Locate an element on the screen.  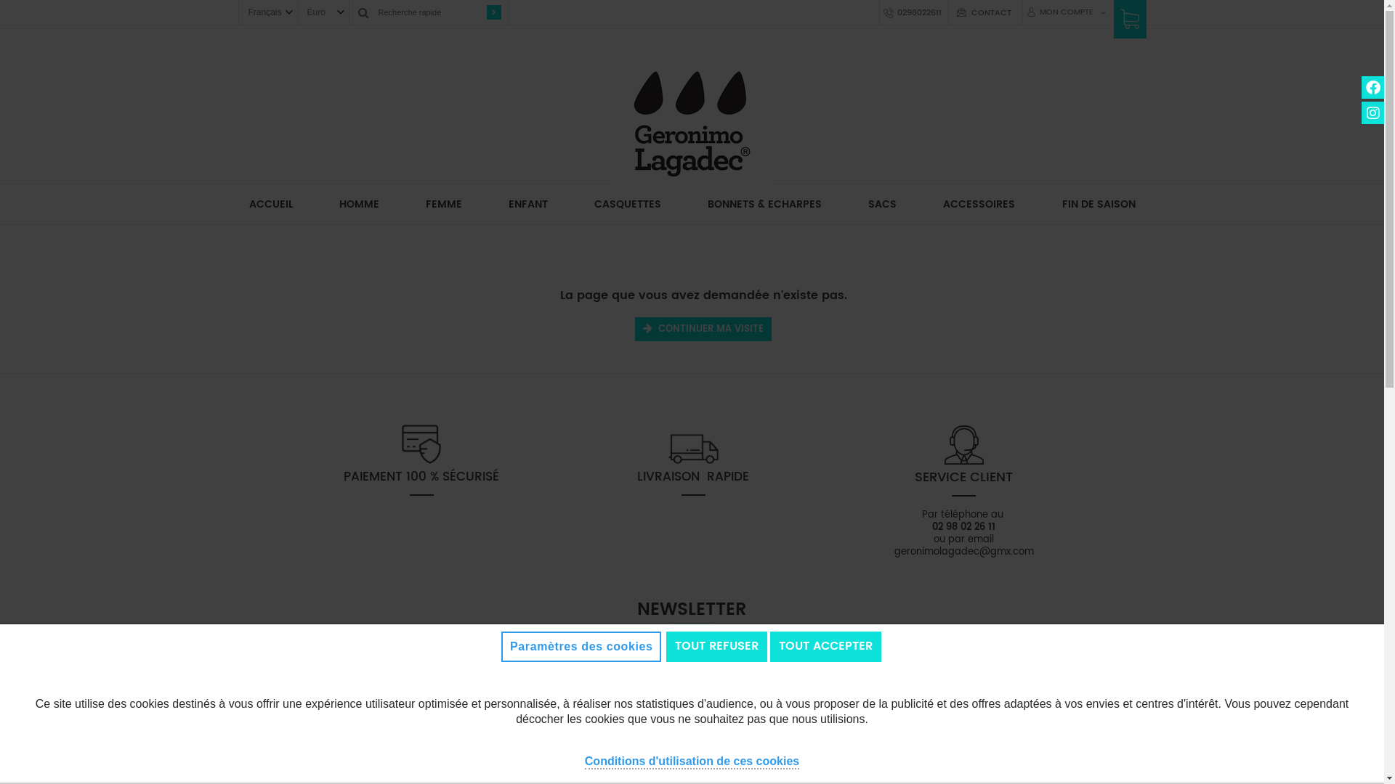
'HOMME' is located at coordinates (327, 204).